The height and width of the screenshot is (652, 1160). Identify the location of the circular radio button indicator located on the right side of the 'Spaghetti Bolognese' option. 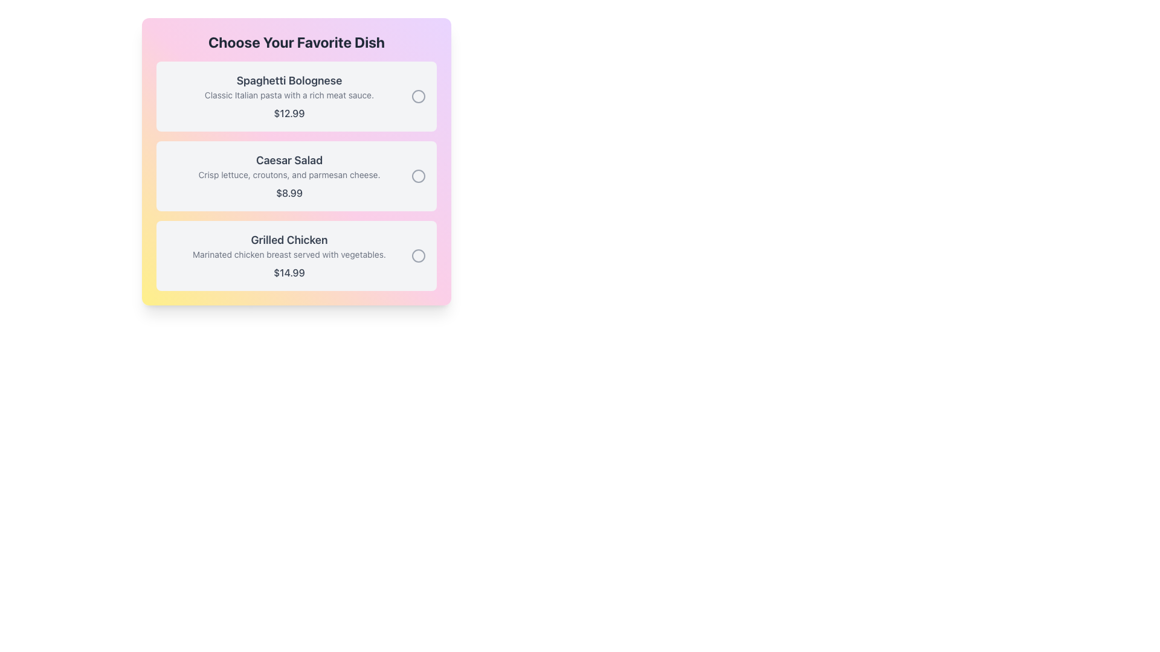
(418, 95).